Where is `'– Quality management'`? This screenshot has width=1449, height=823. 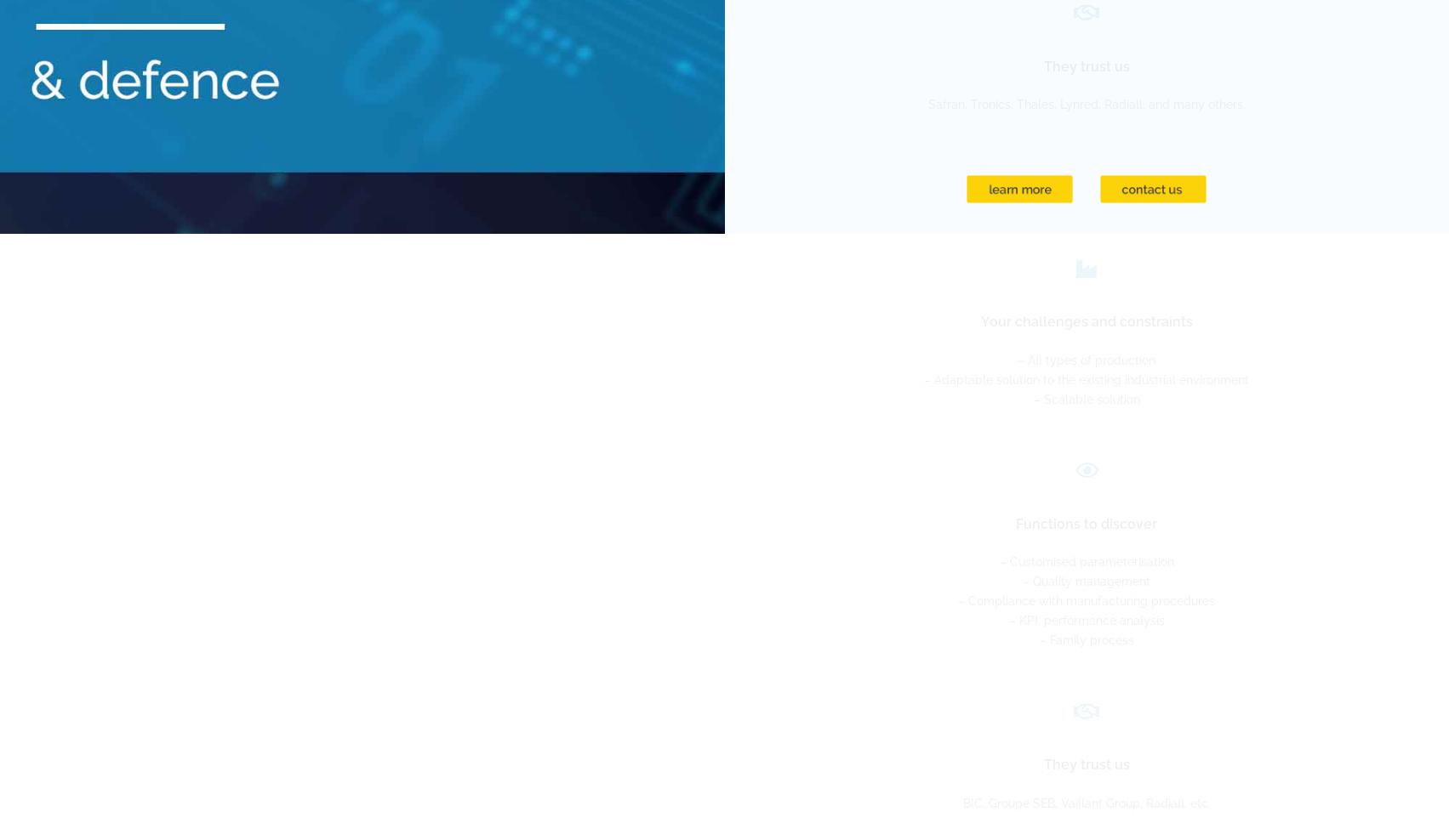 '– Quality management' is located at coordinates (1086, 581).